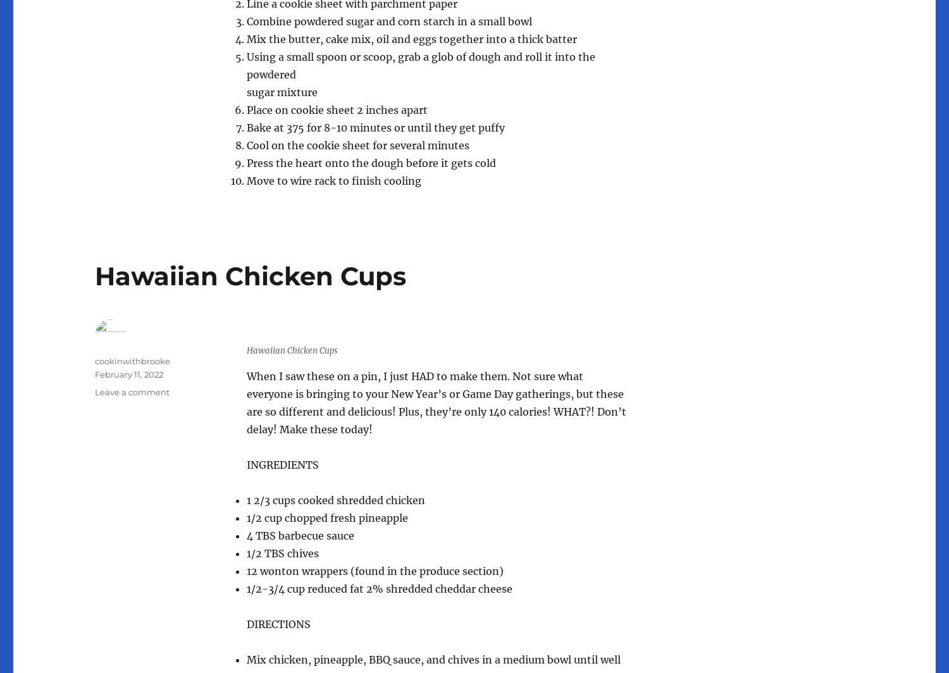 This screenshot has height=673, width=949. What do you see at coordinates (337, 109) in the screenshot?
I see `'Place on cookie sheet 2 inches apart'` at bounding box center [337, 109].